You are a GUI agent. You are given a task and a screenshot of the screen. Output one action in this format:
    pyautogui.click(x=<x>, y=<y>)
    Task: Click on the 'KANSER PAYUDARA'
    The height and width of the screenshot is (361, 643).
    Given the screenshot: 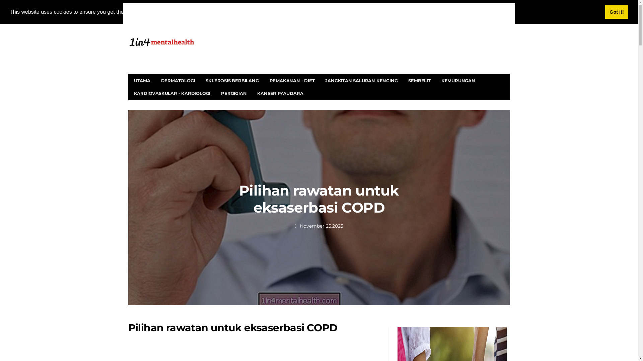 What is the action you would take?
    pyautogui.click(x=280, y=93)
    